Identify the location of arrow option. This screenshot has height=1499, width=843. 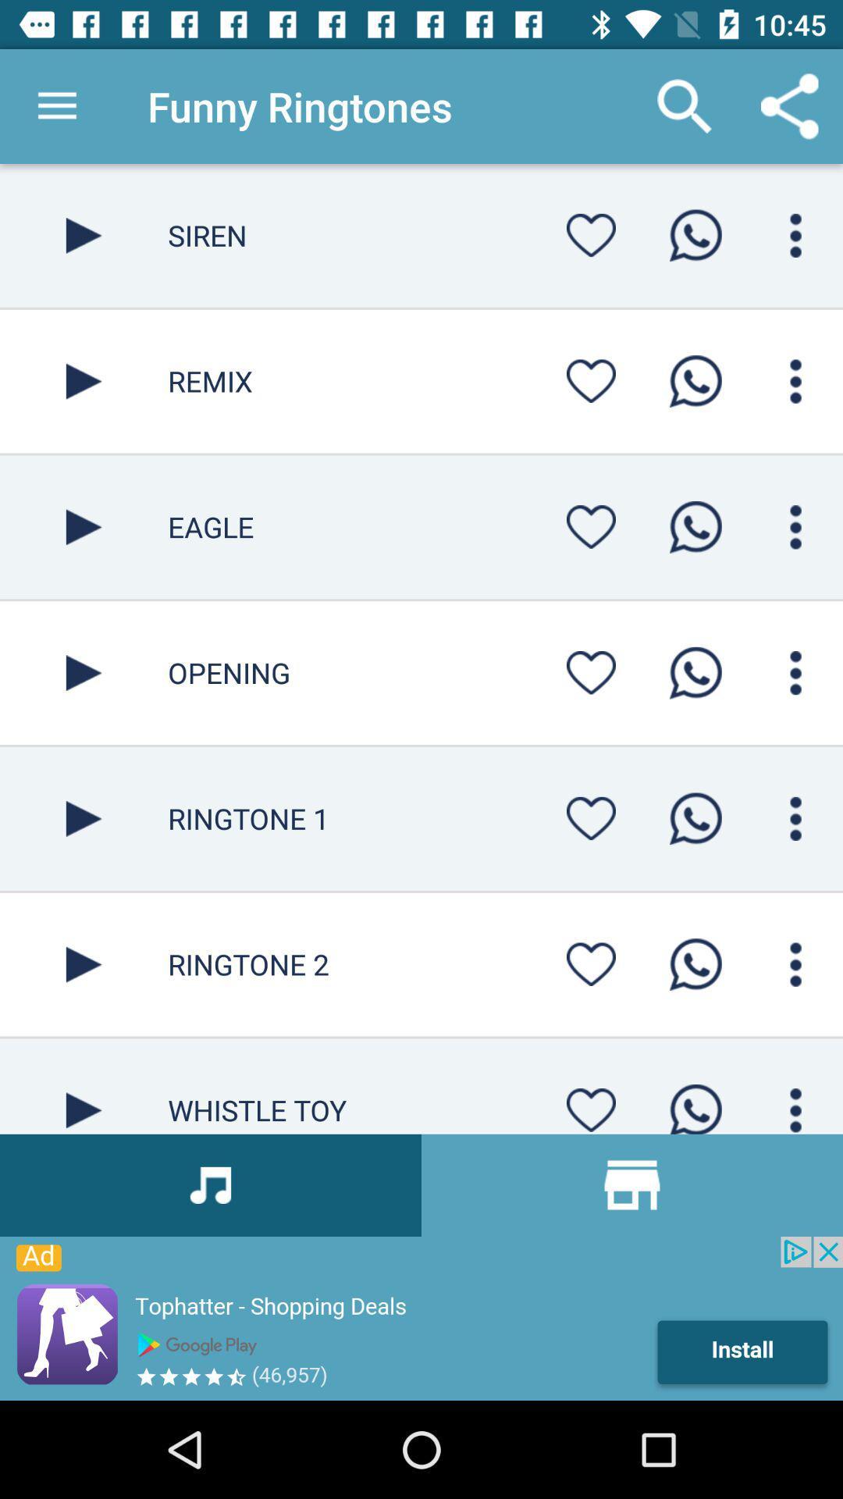
(84, 673).